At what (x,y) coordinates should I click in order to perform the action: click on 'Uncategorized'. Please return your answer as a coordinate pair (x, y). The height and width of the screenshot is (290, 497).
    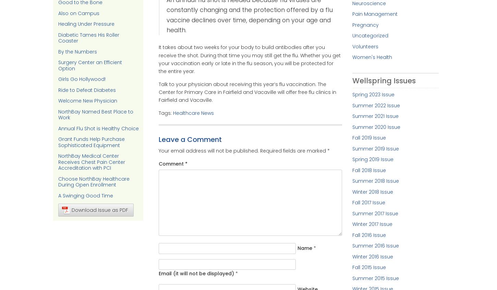
    Looking at the image, I should click on (370, 35).